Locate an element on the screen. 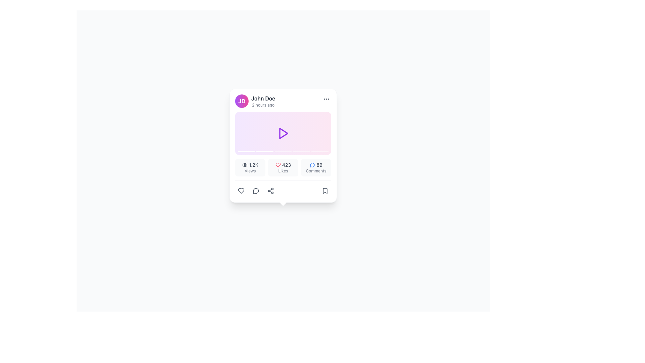 Image resolution: width=645 pixels, height=363 pixels. text label that displays '2 hours ago', which is styled in a small, light gray font and positioned below the username 'John Doe' in a social media card is located at coordinates (263, 105).